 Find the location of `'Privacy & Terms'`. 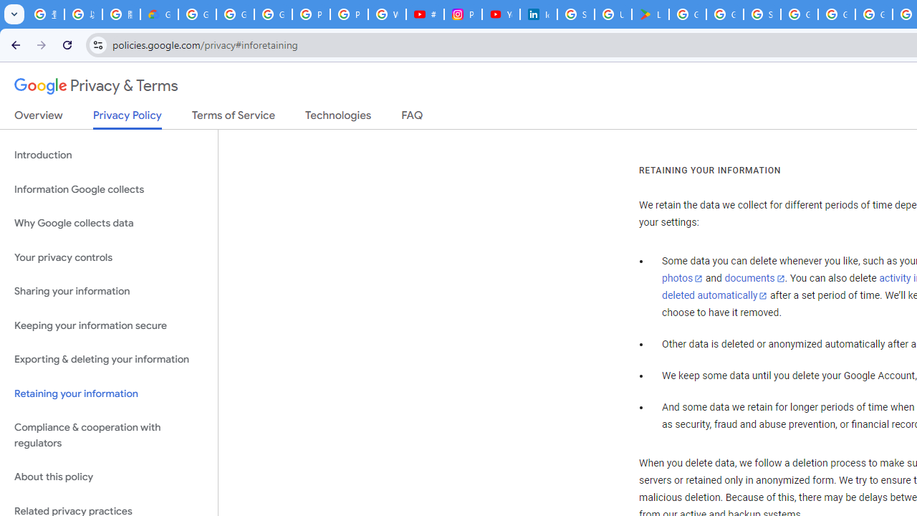

'Privacy & Terms' is located at coordinates (96, 86).